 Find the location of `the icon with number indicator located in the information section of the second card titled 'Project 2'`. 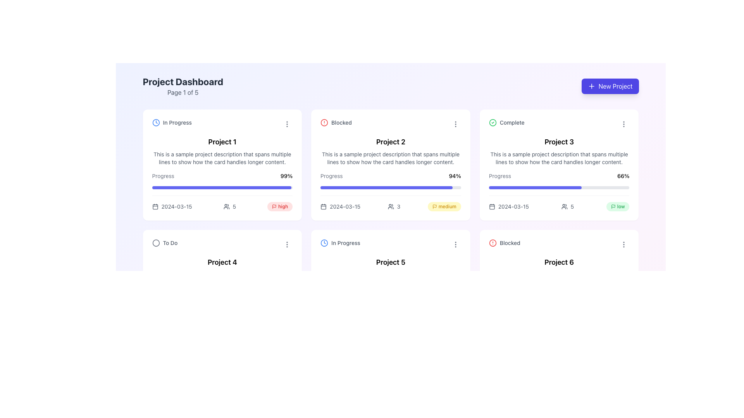

the icon with number indicator located in the information section of the second card titled 'Project 2' is located at coordinates (391, 203).